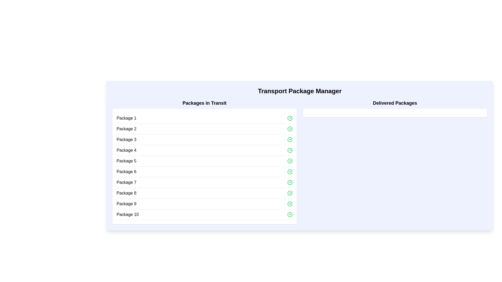  What do you see at coordinates (128, 214) in the screenshot?
I see `the static text label displaying 'Package 10' located at the bottom of the 'Packages in Transit' section` at bounding box center [128, 214].